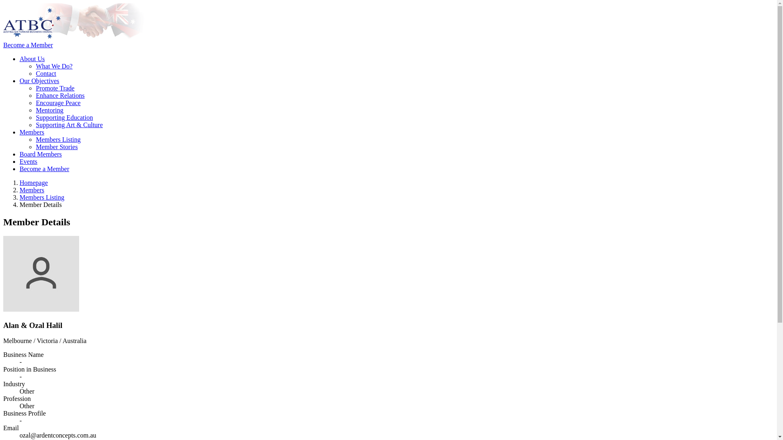  What do you see at coordinates (39, 81) in the screenshot?
I see `'Our Objectives'` at bounding box center [39, 81].